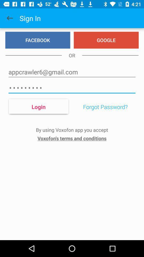 This screenshot has width=144, height=257. What do you see at coordinates (72, 72) in the screenshot?
I see `the appcrawler6@gmail.com item` at bounding box center [72, 72].